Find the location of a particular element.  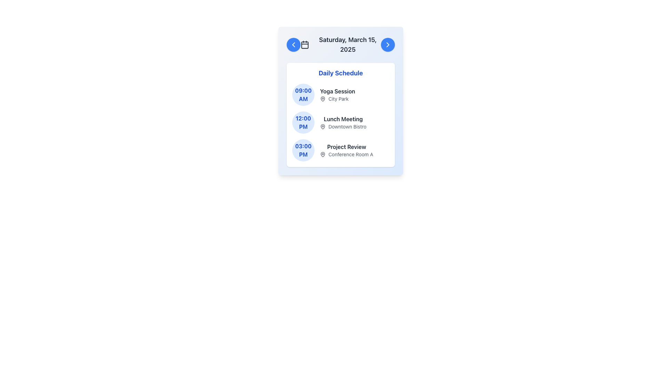

the Map Pin icon located to the left of the 'City Park' label, which indicates the venue for the '09:00 AM Yoga Session' is located at coordinates (322, 99).